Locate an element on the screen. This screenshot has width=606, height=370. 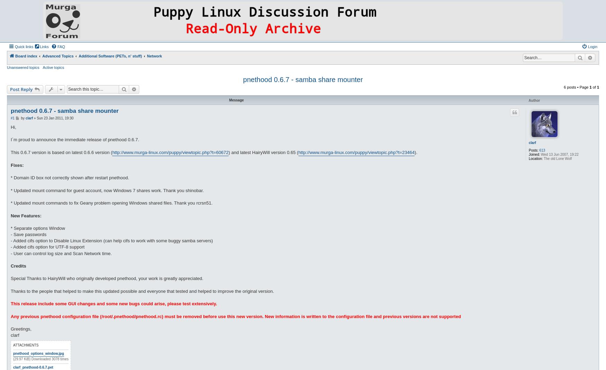
'The old Lone Wolf' is located at coordinates (557, 158).